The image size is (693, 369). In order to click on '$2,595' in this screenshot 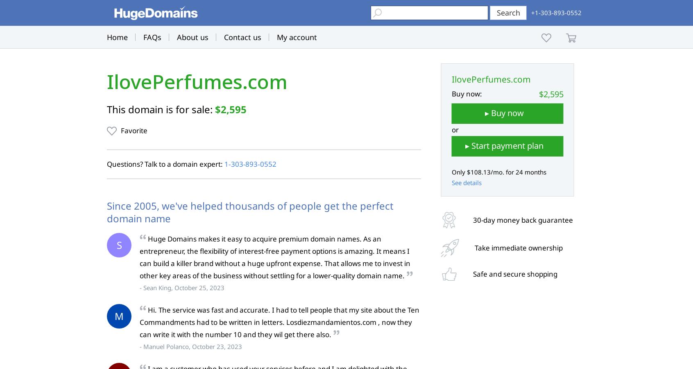, I will do `click(231, 109)`.